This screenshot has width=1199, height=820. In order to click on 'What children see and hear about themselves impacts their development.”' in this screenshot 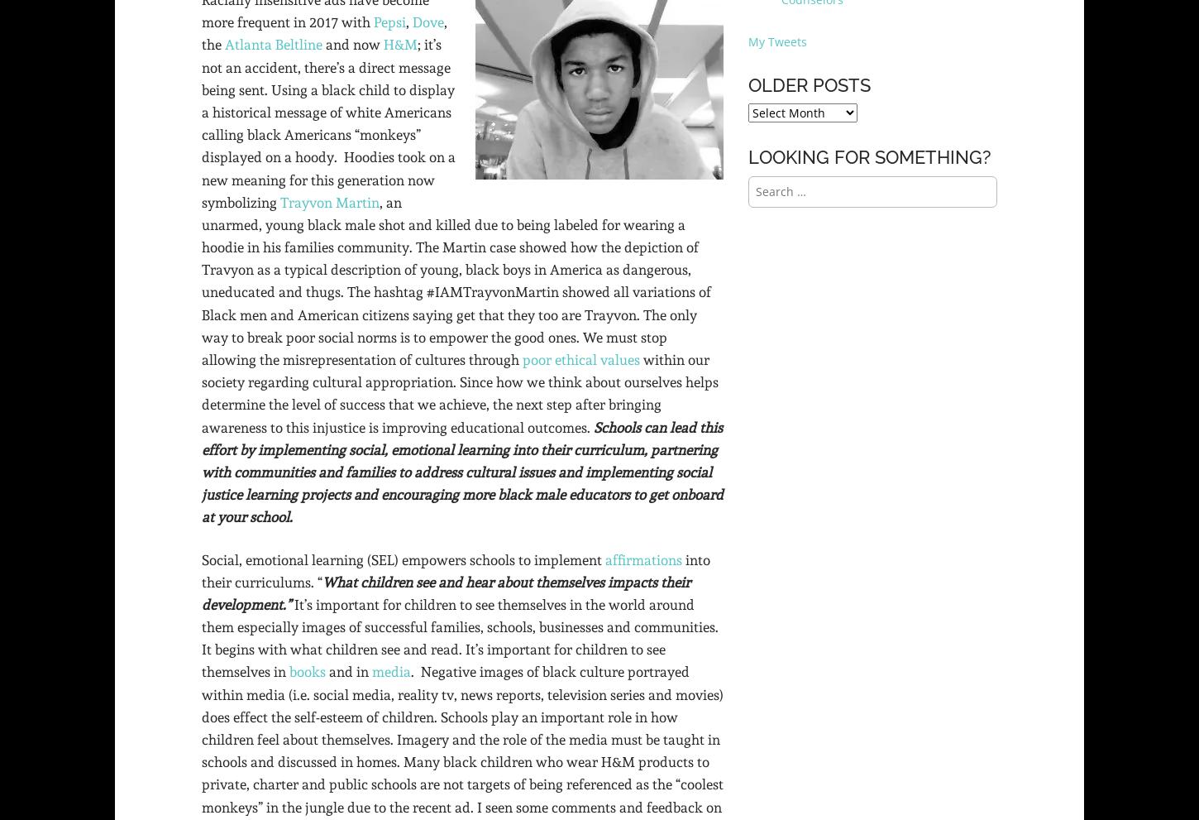, I will do `click(446, 592)`.